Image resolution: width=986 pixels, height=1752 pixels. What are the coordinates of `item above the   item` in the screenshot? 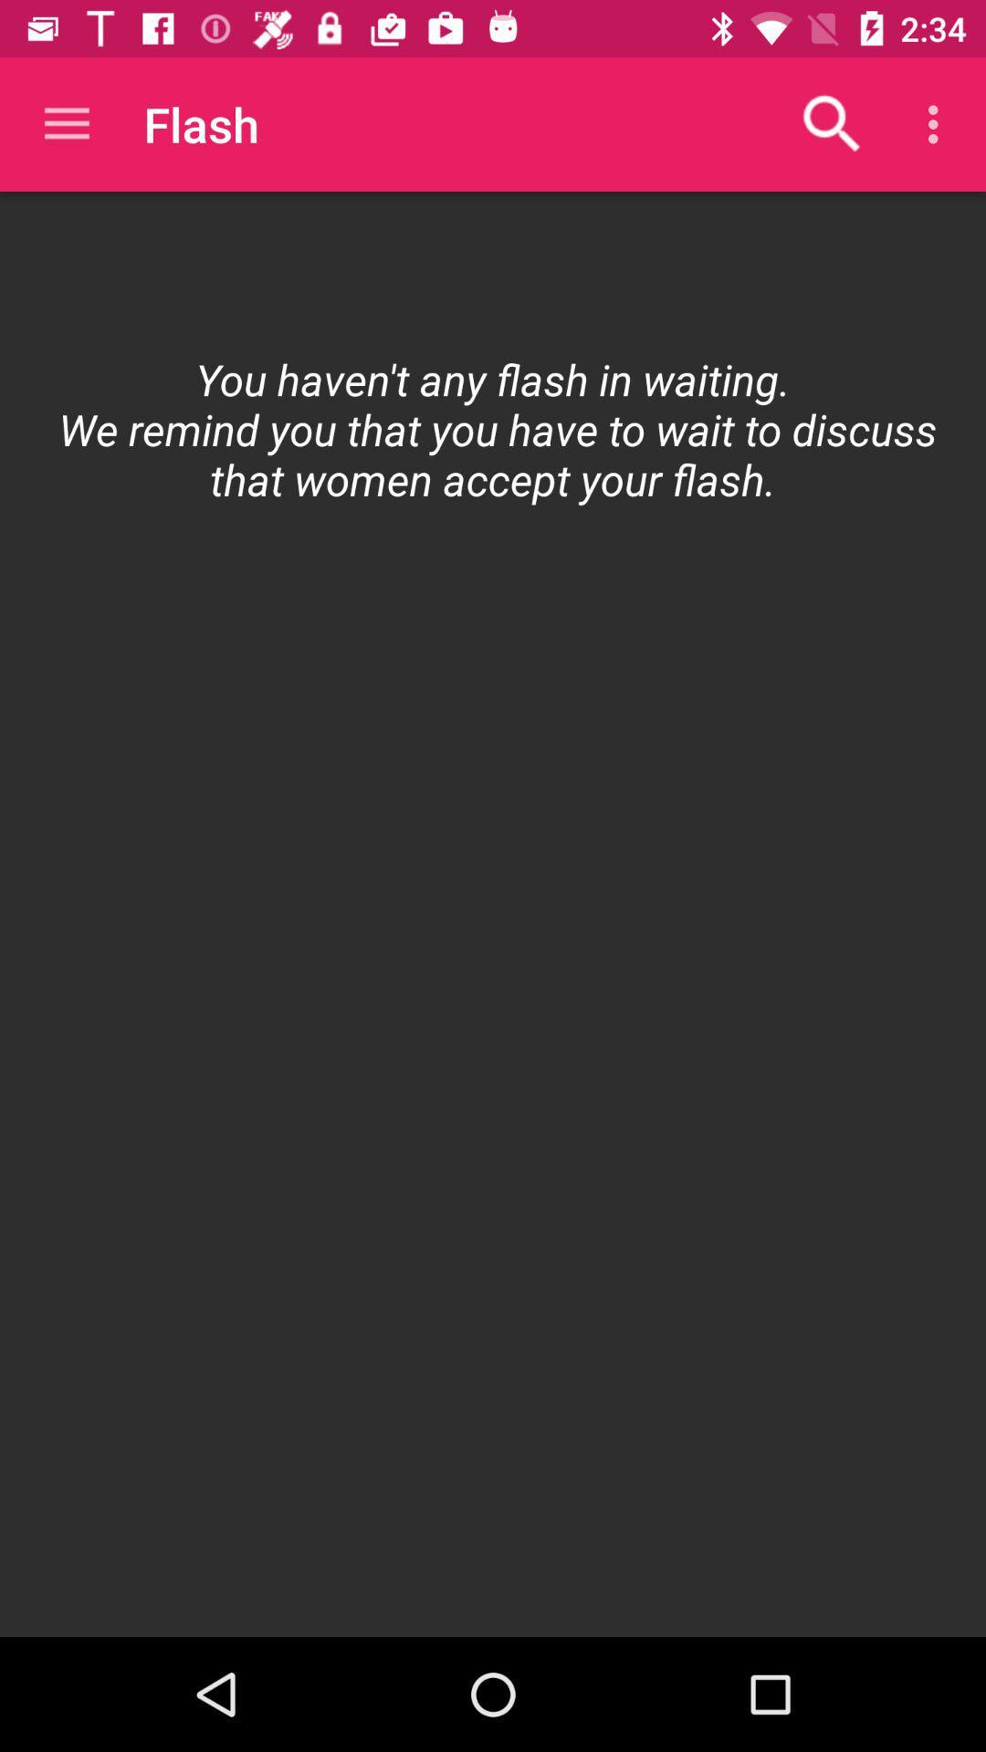 It's located at (66, 123).